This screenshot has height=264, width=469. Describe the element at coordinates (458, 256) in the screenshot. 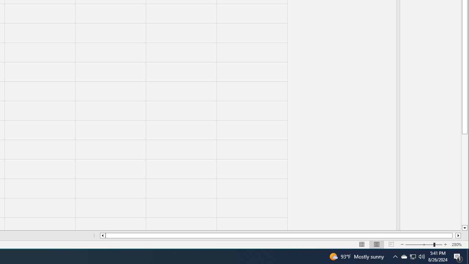

I see `'Action Center, 1 new notification'` at that location.